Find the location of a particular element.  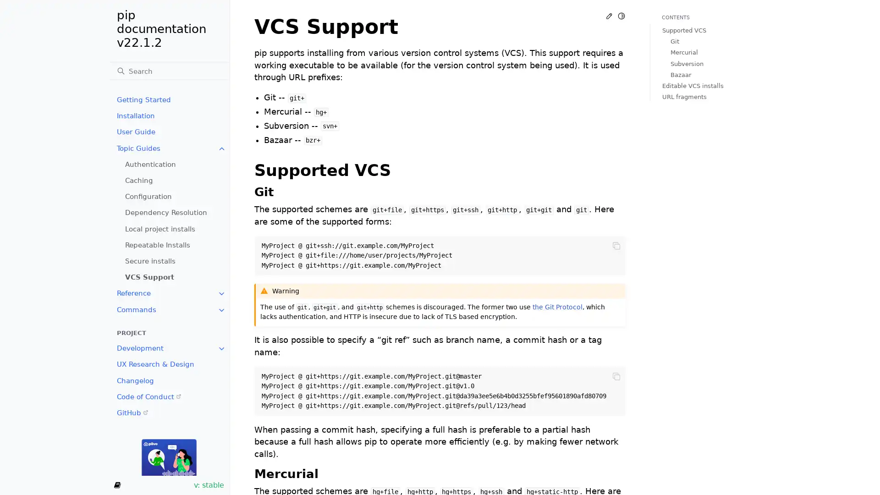

Copy to clipboard is located at coordinates (616, 245).